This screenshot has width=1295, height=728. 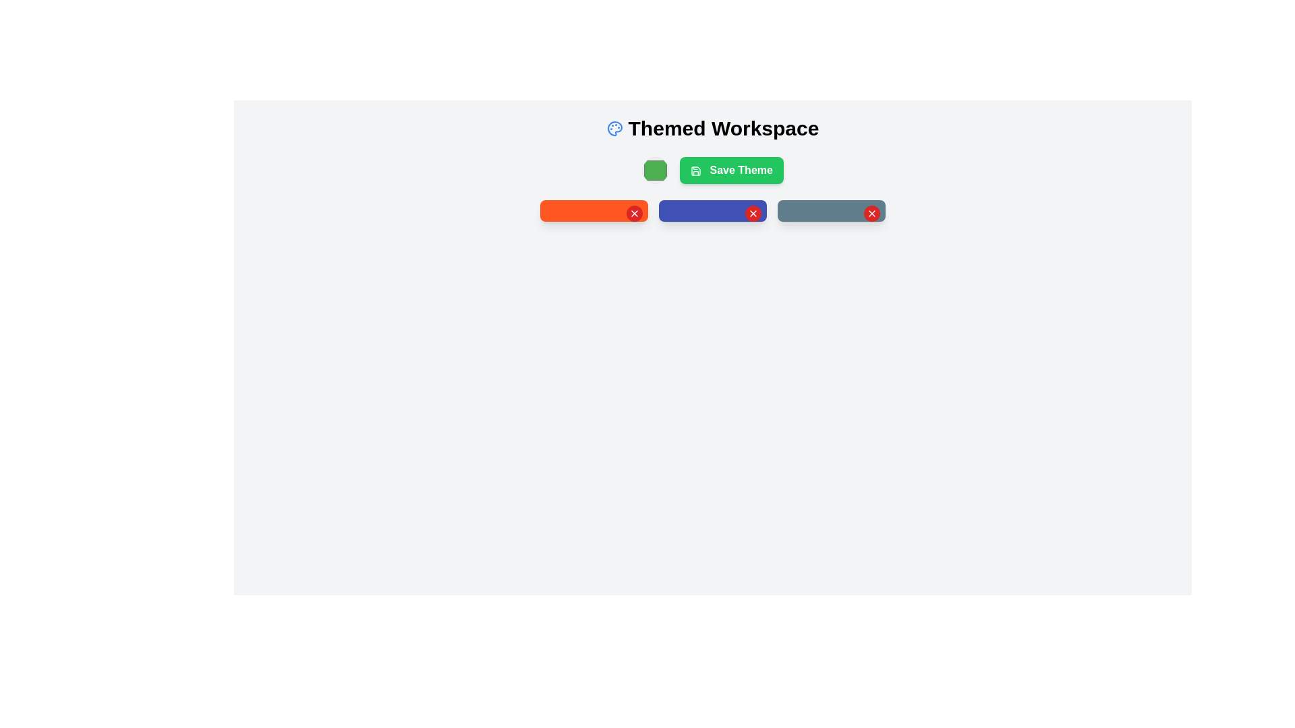 I want to click on the palette icon located to the left of the text 'Themed Workspace', which features a circular base with smaller circles representing paint wells in a blue color scheme, so click(x=614, y=129).